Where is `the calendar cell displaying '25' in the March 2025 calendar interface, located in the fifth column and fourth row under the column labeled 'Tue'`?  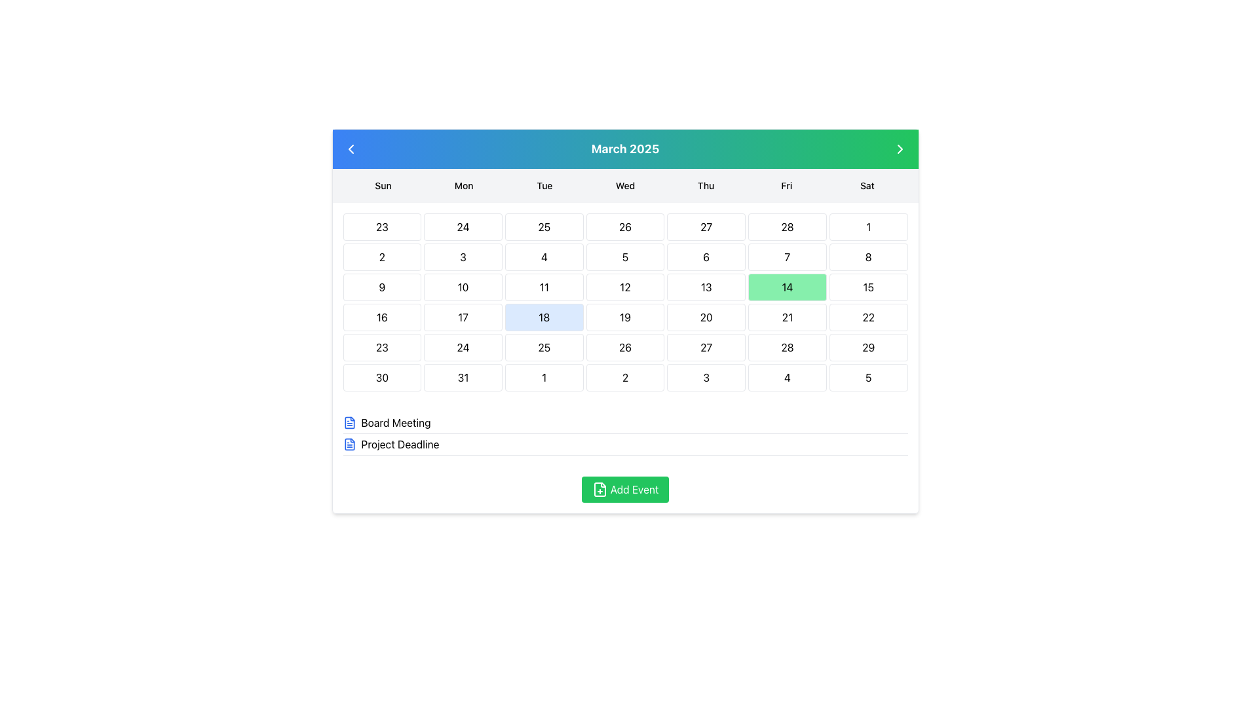
the calendar cell displaying '25' in the March 2025 calendar interface, located in the fifth column and fourth row under the column labeled 'Tue' is located at coordinates (544, 347).